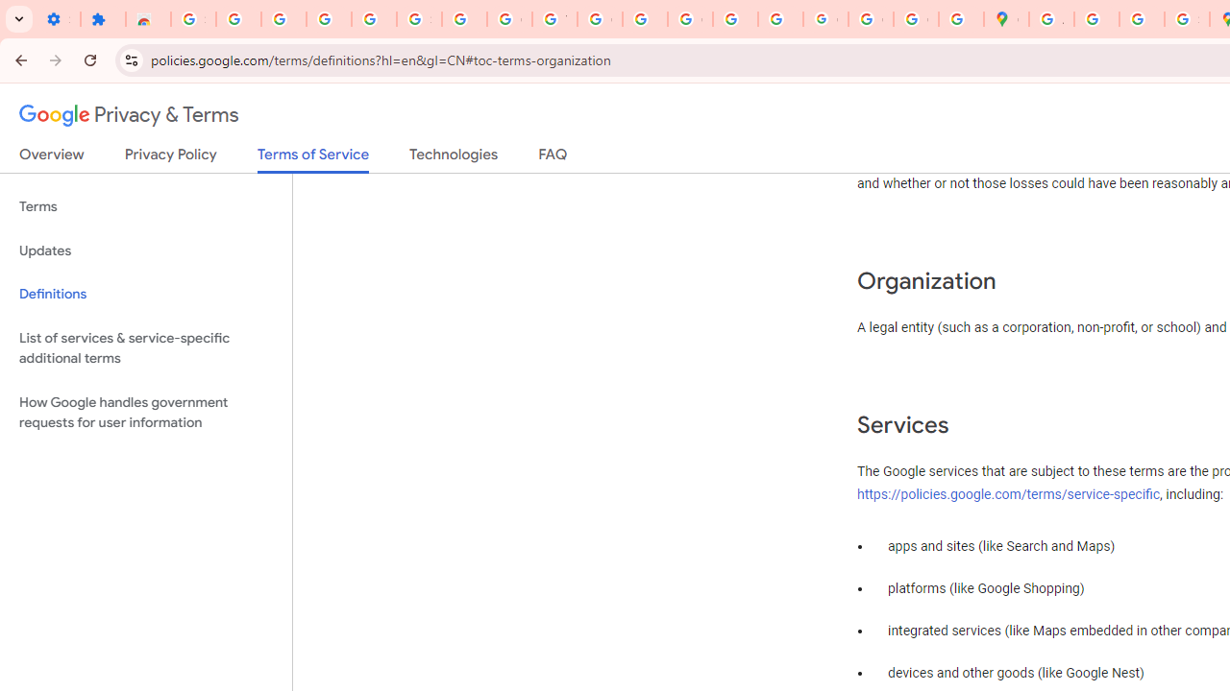 The height and width of the screenshot is (691, 1230). I want to click on 'Technologies', so click(453, 157).